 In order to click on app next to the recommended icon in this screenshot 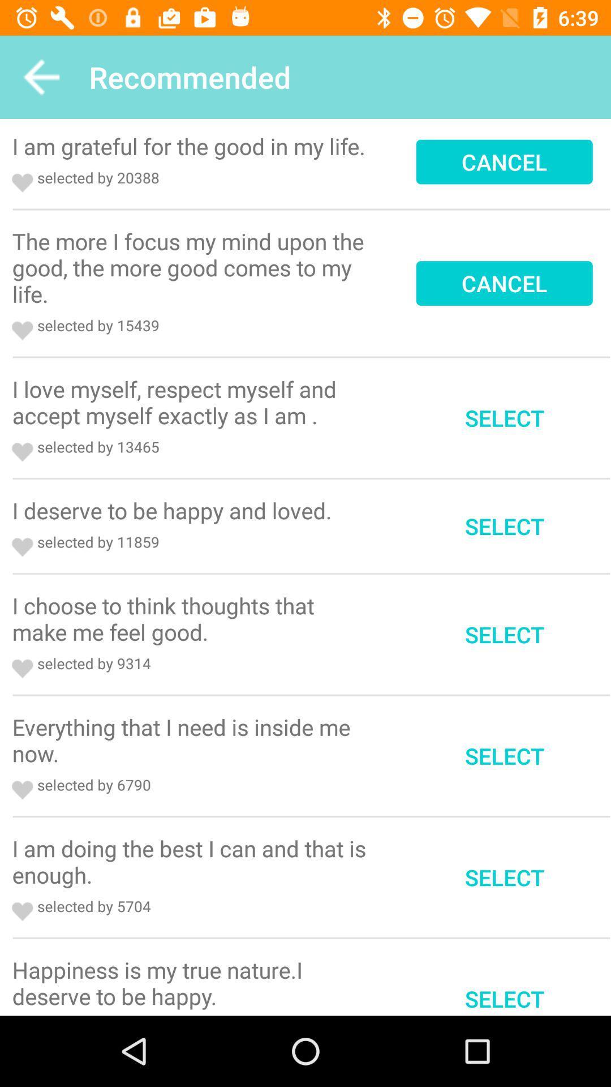, I will do `click(41, 76)`.